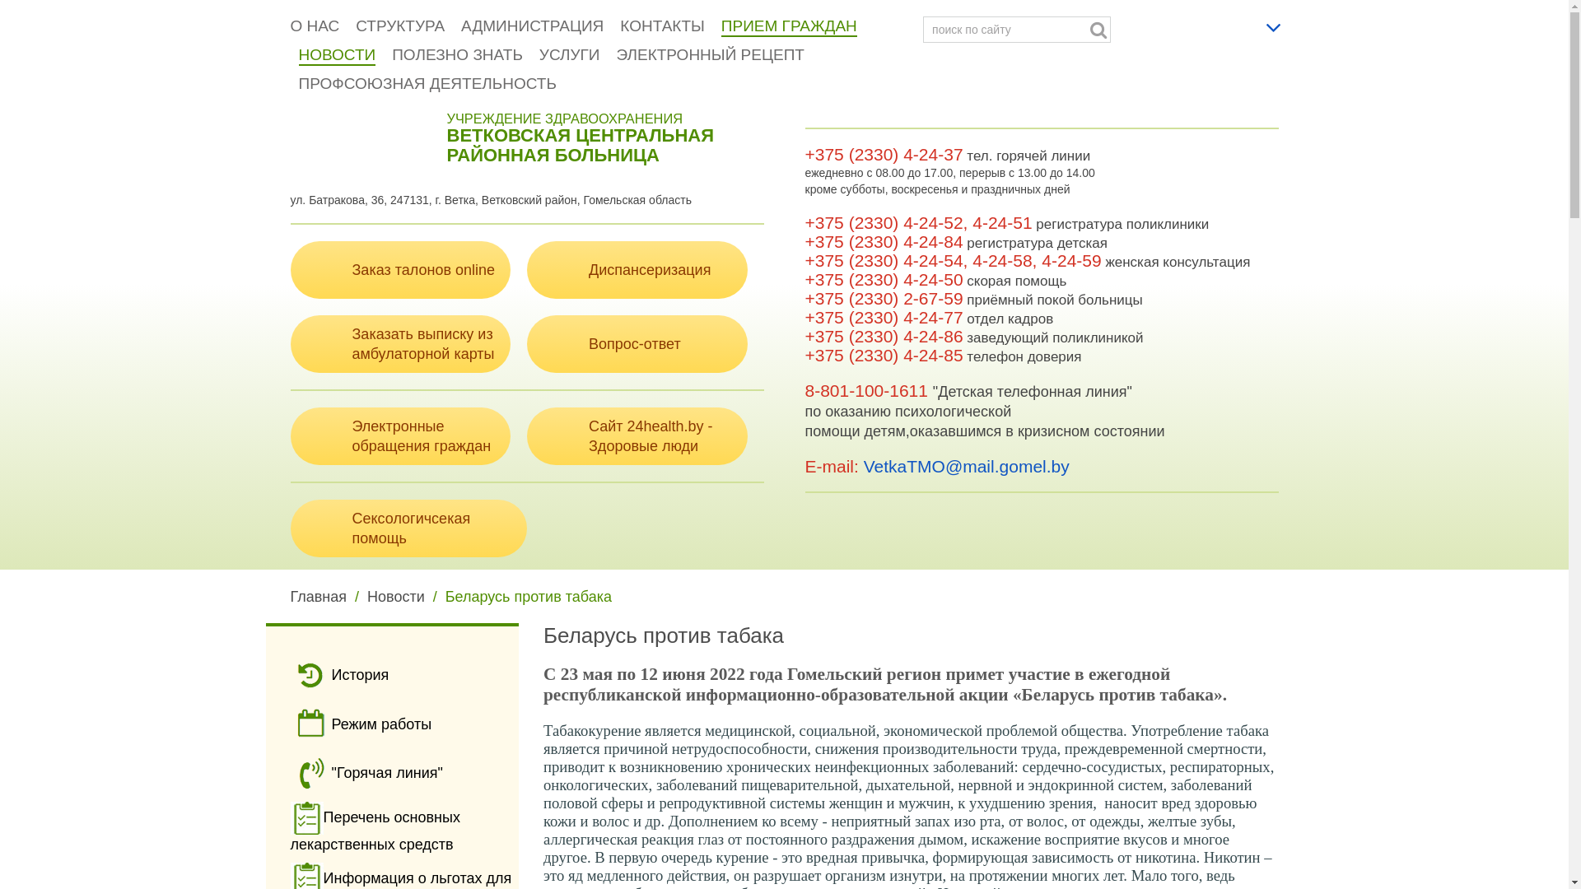 This screenshot has height=889, width=1581. What do you see at coordinates (1233, 22) in the screenshot?
I see `'Russian'` at bounding box center [1233, 22].